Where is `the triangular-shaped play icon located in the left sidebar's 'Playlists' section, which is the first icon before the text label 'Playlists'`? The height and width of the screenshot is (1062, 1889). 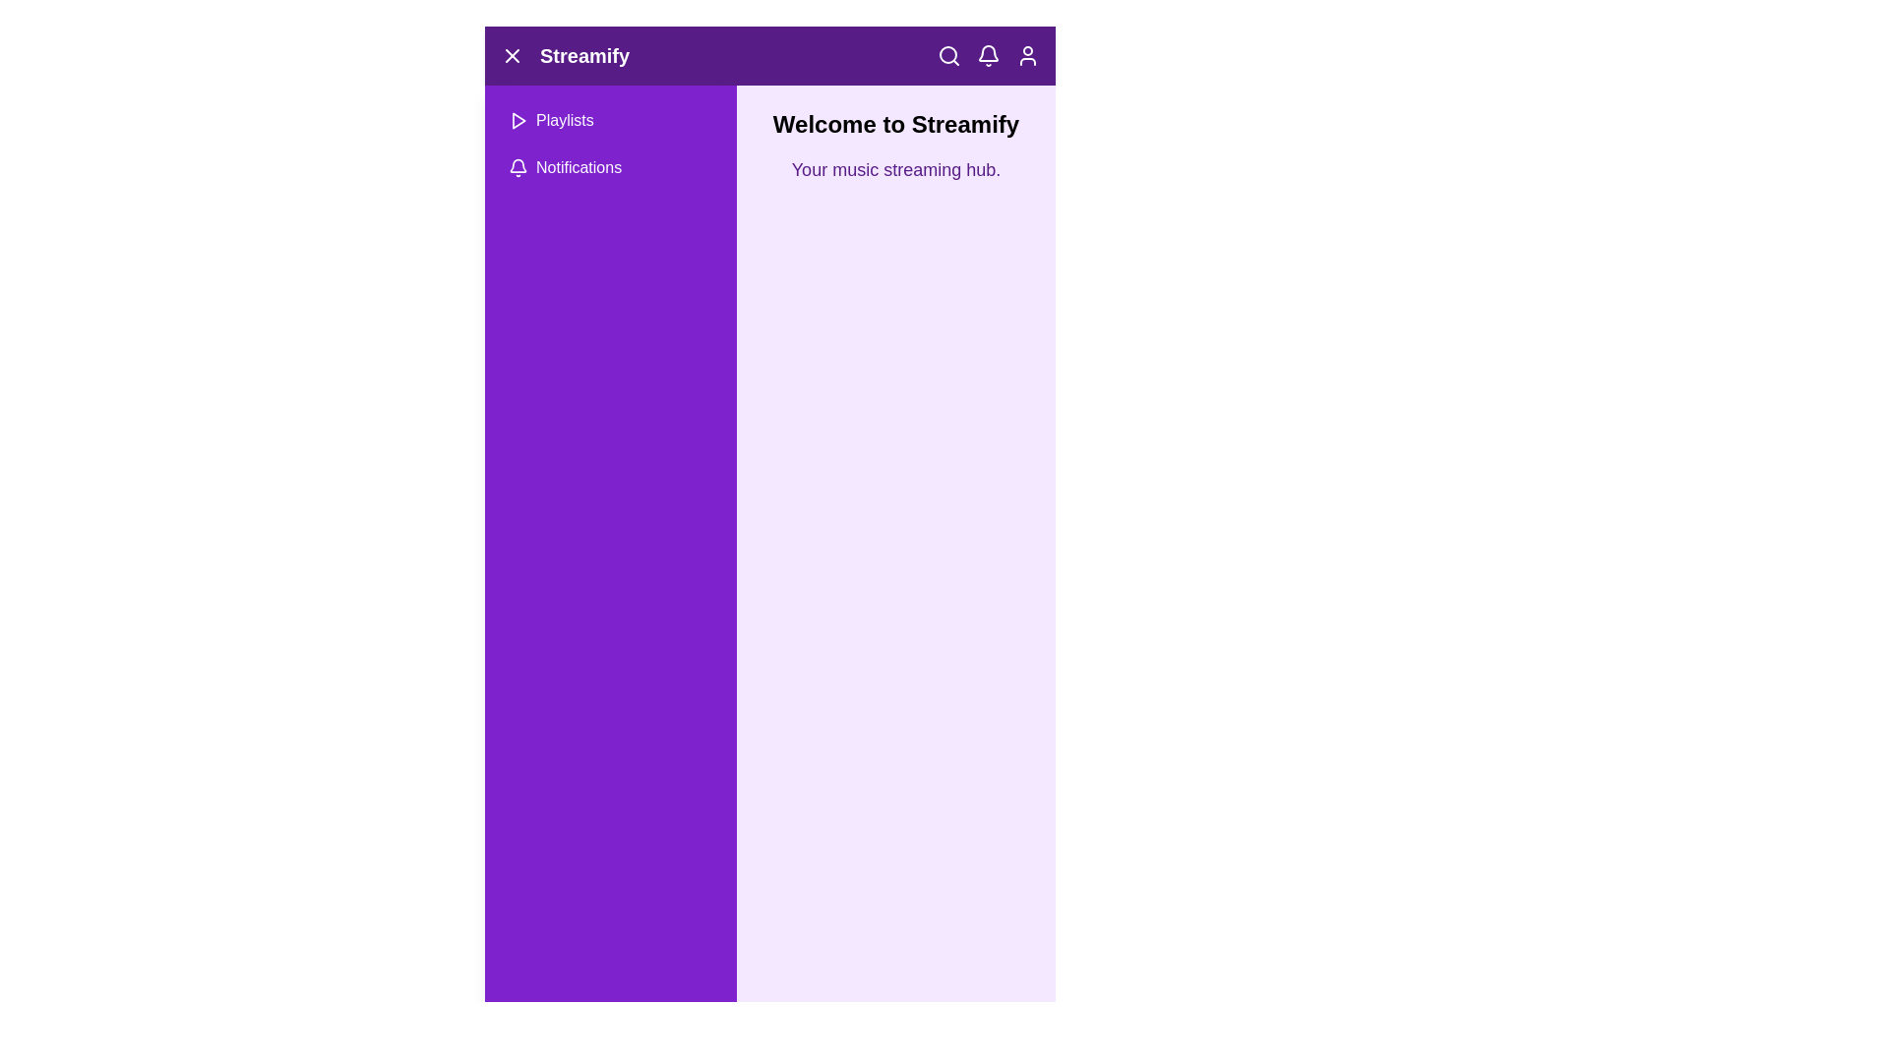 the triangular-shaped play icon located in the left sidebar's 'Playlists' section, which is the first icon before the text label 'Playlists' is located at coordinates (518, 121).